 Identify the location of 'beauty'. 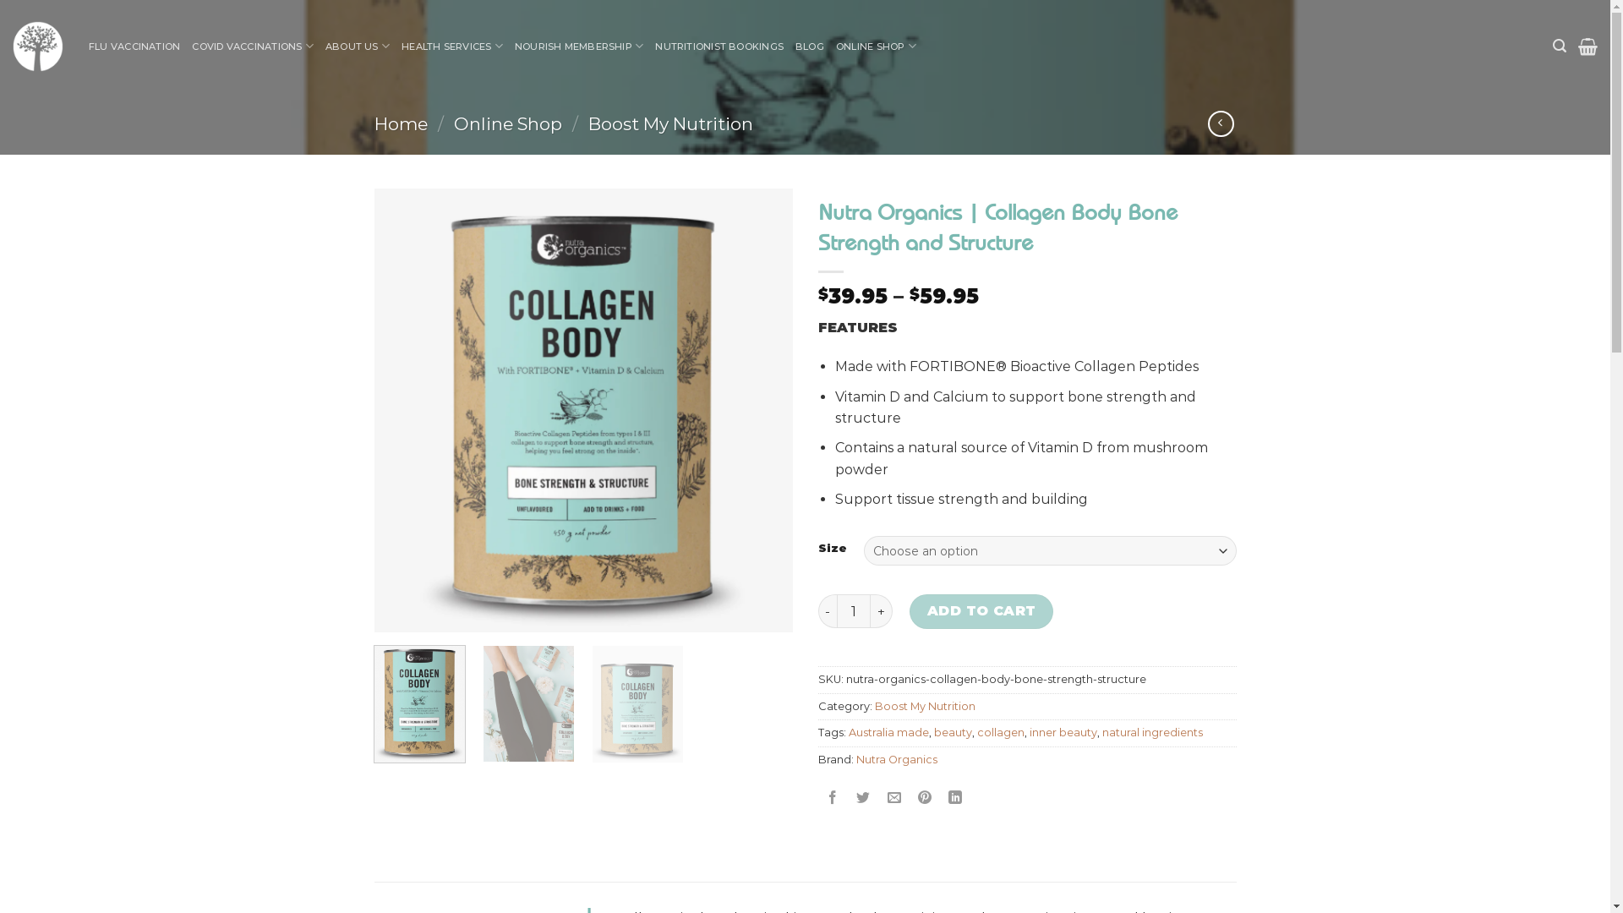
(952, 731).